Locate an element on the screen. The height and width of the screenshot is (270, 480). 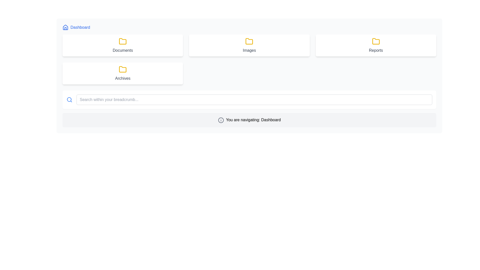
the 'Documents' text label, which is styled with a gray color and medium font size, located below a yellow folder icon in the upper section of the interface is located at coordinates (123, 50).